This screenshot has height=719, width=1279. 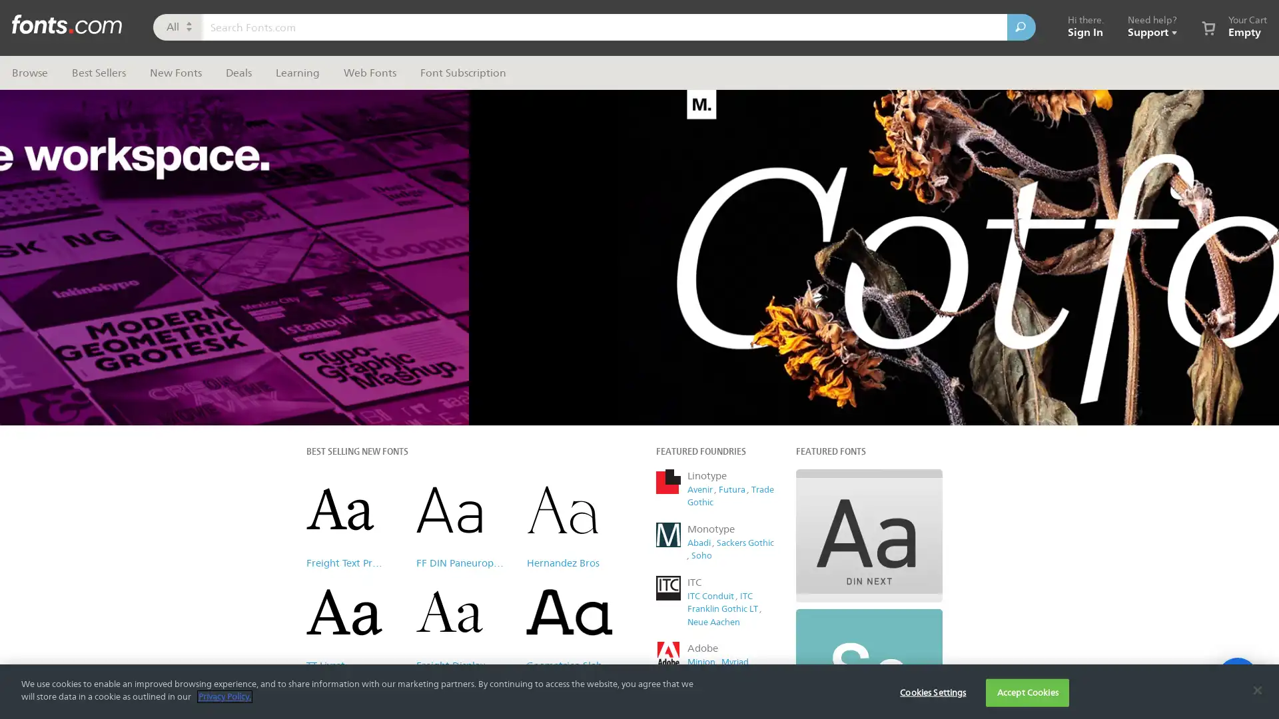 I want to click on Open Intercom Messenger, so click(x=1236, y=678).